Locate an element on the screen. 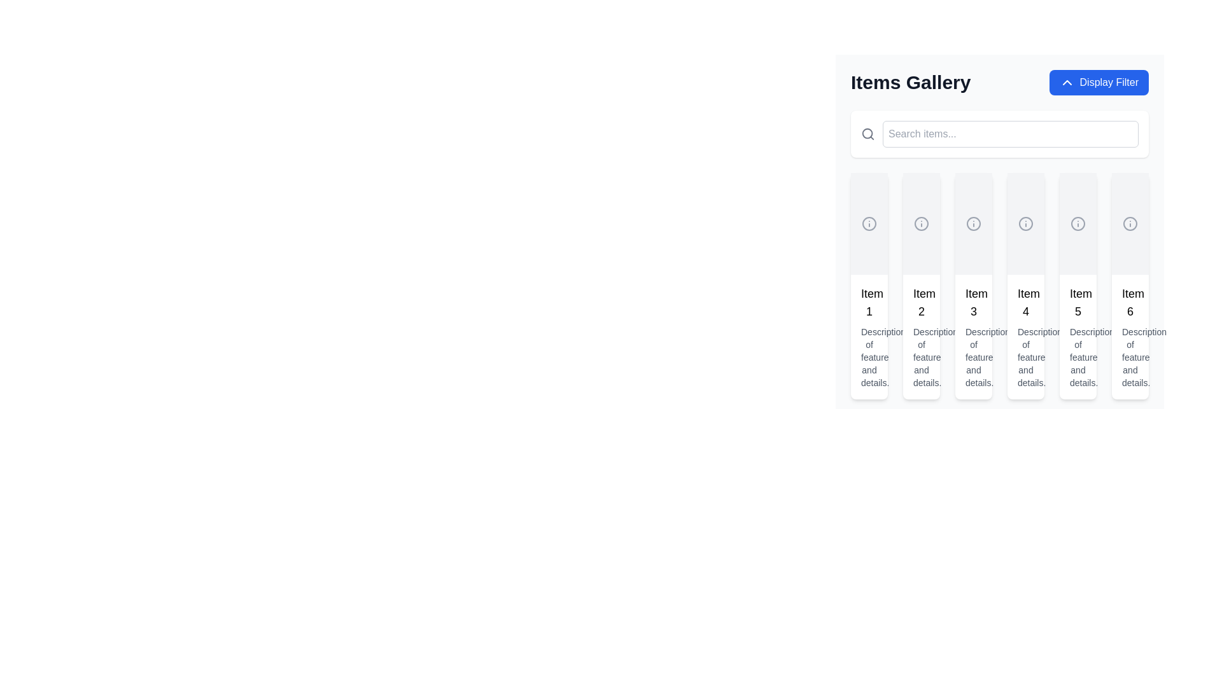 This screenshot has width=1222, height=687. the card component representing 'Item 3' is located at coordinates (973, 286).